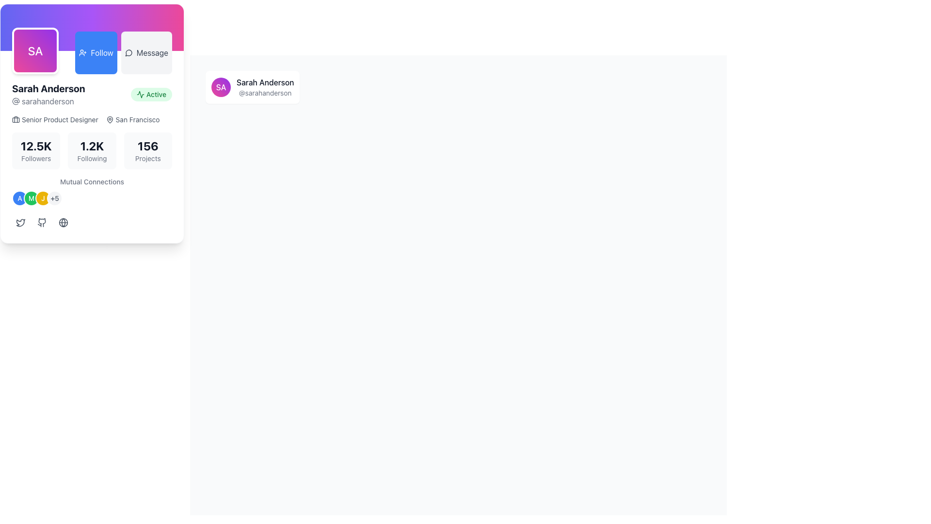 The width and height of the screenshot is (931, 524). I want to click on the 'Active' status icon, which is part of a status badge with a green background located at the right end of the user profile section, so click(140, 95).